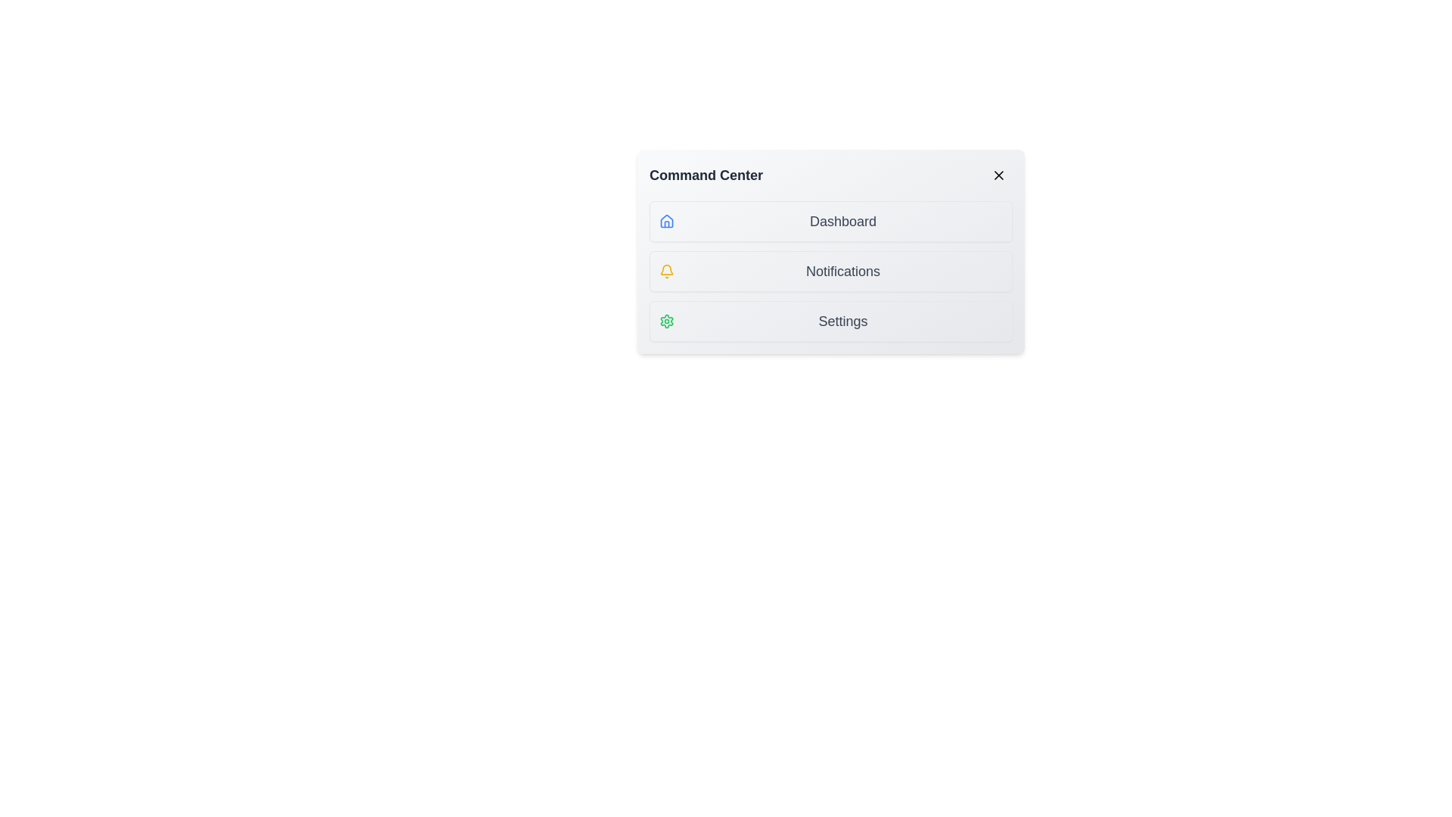  I want to click on the close button on the Command Center module, so click(998, 174).